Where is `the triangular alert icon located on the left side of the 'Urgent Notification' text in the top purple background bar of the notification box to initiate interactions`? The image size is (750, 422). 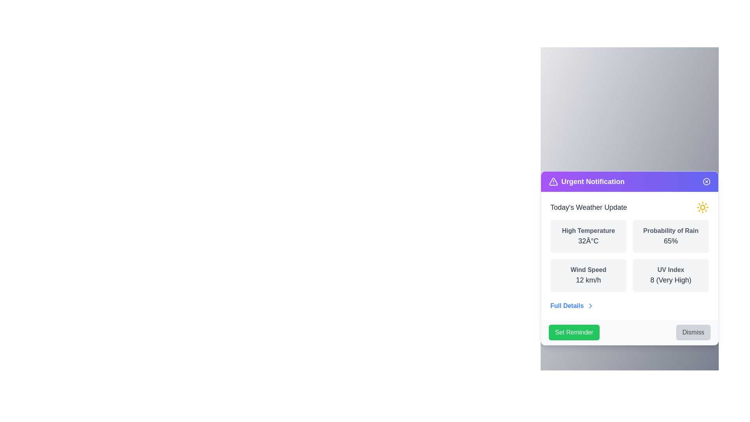
the triangular alert icon located on the left side of the 'Urgent Notification' text in the top purple background bar of the notification box to initiate interactions is located at coordinates (553, 181).